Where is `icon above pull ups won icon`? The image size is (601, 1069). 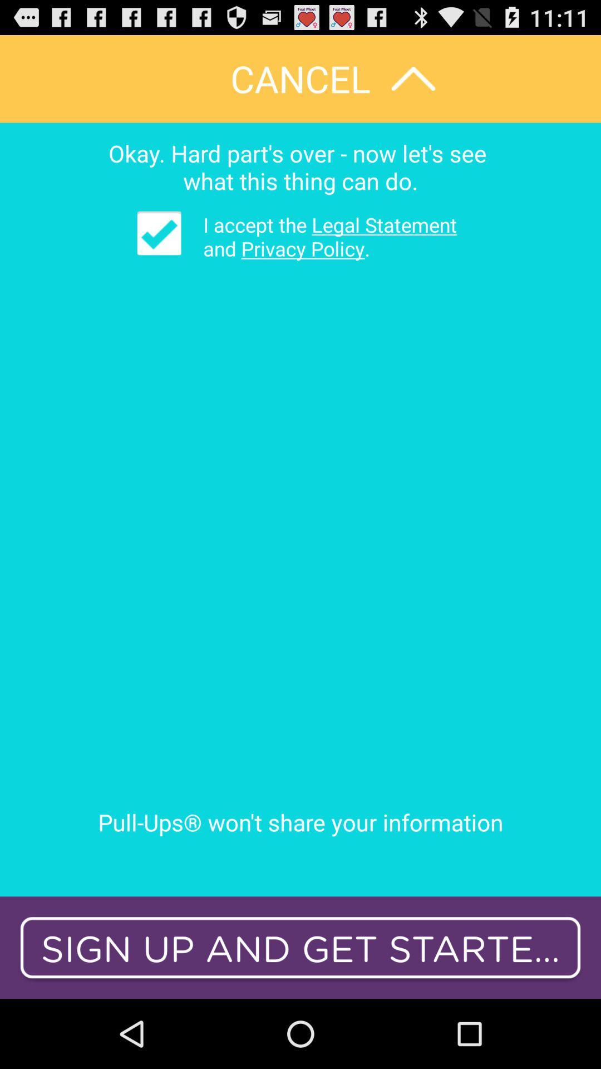 icon above pull ups won icon is located at coordinates (159, 232).